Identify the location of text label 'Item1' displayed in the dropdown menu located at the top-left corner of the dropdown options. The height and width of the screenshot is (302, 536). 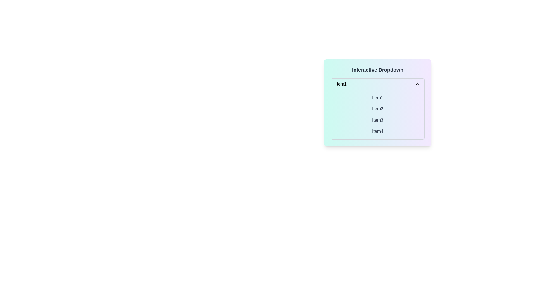
(341, 84).